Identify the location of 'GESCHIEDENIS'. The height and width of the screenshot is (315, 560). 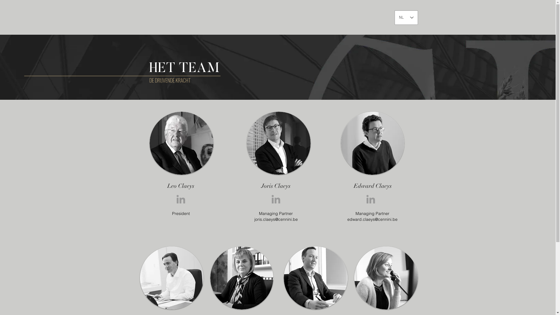
(304, 17).